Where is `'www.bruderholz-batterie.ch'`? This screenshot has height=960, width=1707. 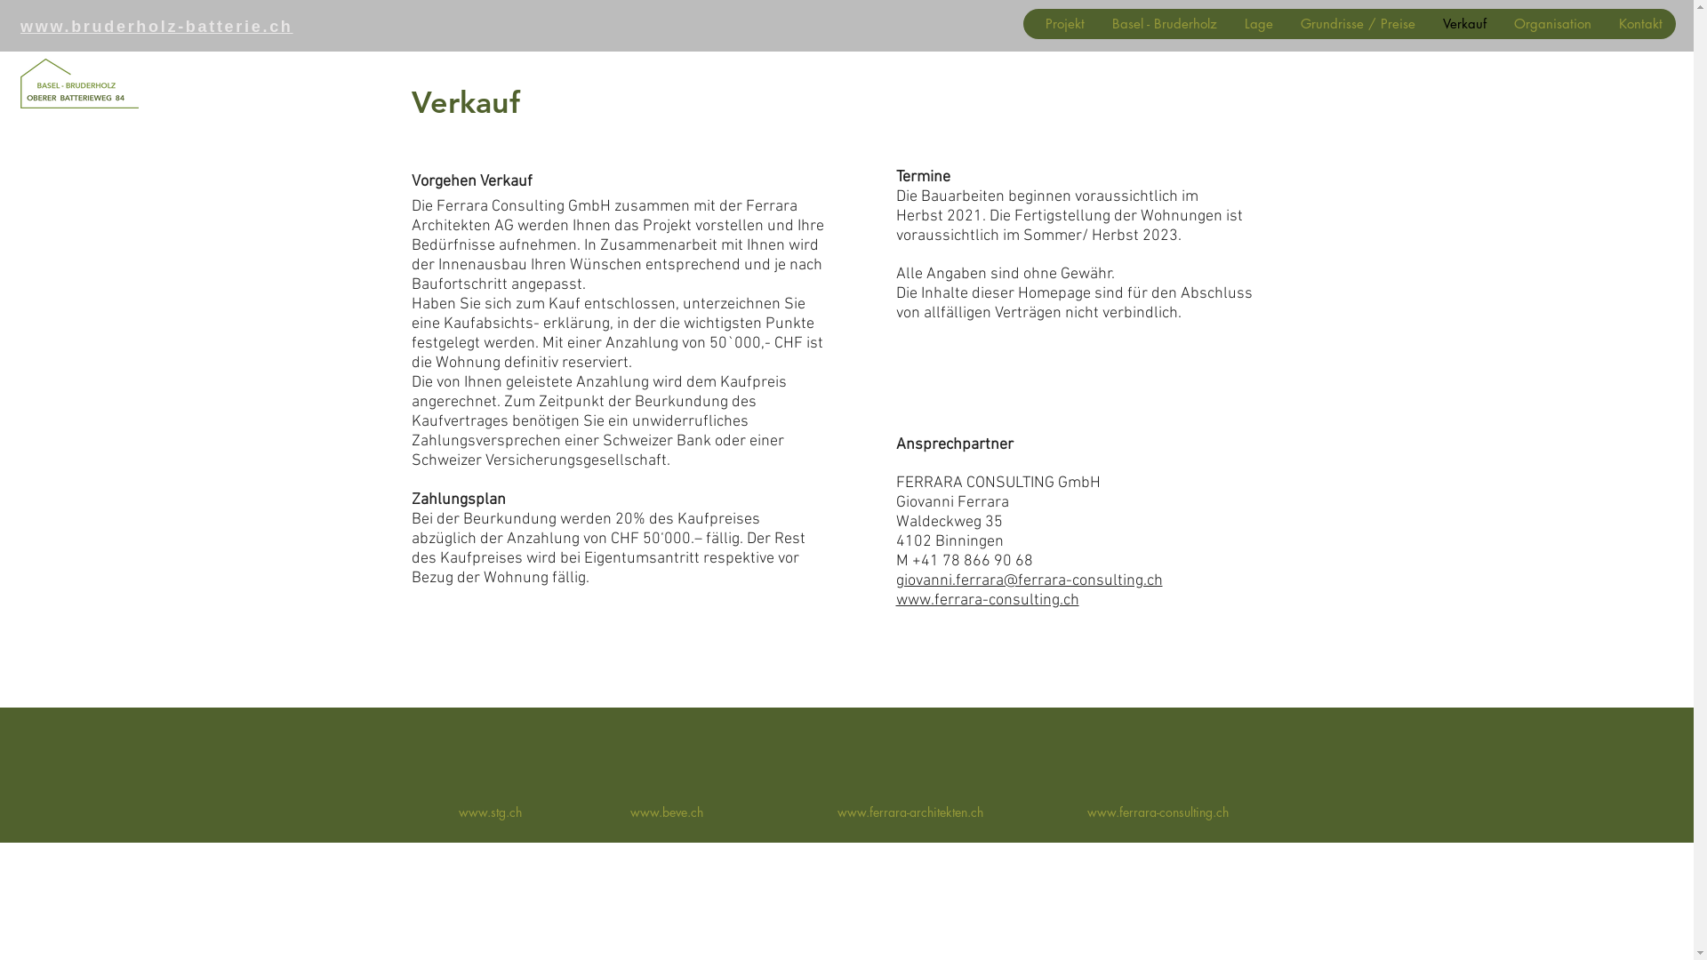 'www.bruderholz-batterie.ch' is located at coordinates (156, 27).